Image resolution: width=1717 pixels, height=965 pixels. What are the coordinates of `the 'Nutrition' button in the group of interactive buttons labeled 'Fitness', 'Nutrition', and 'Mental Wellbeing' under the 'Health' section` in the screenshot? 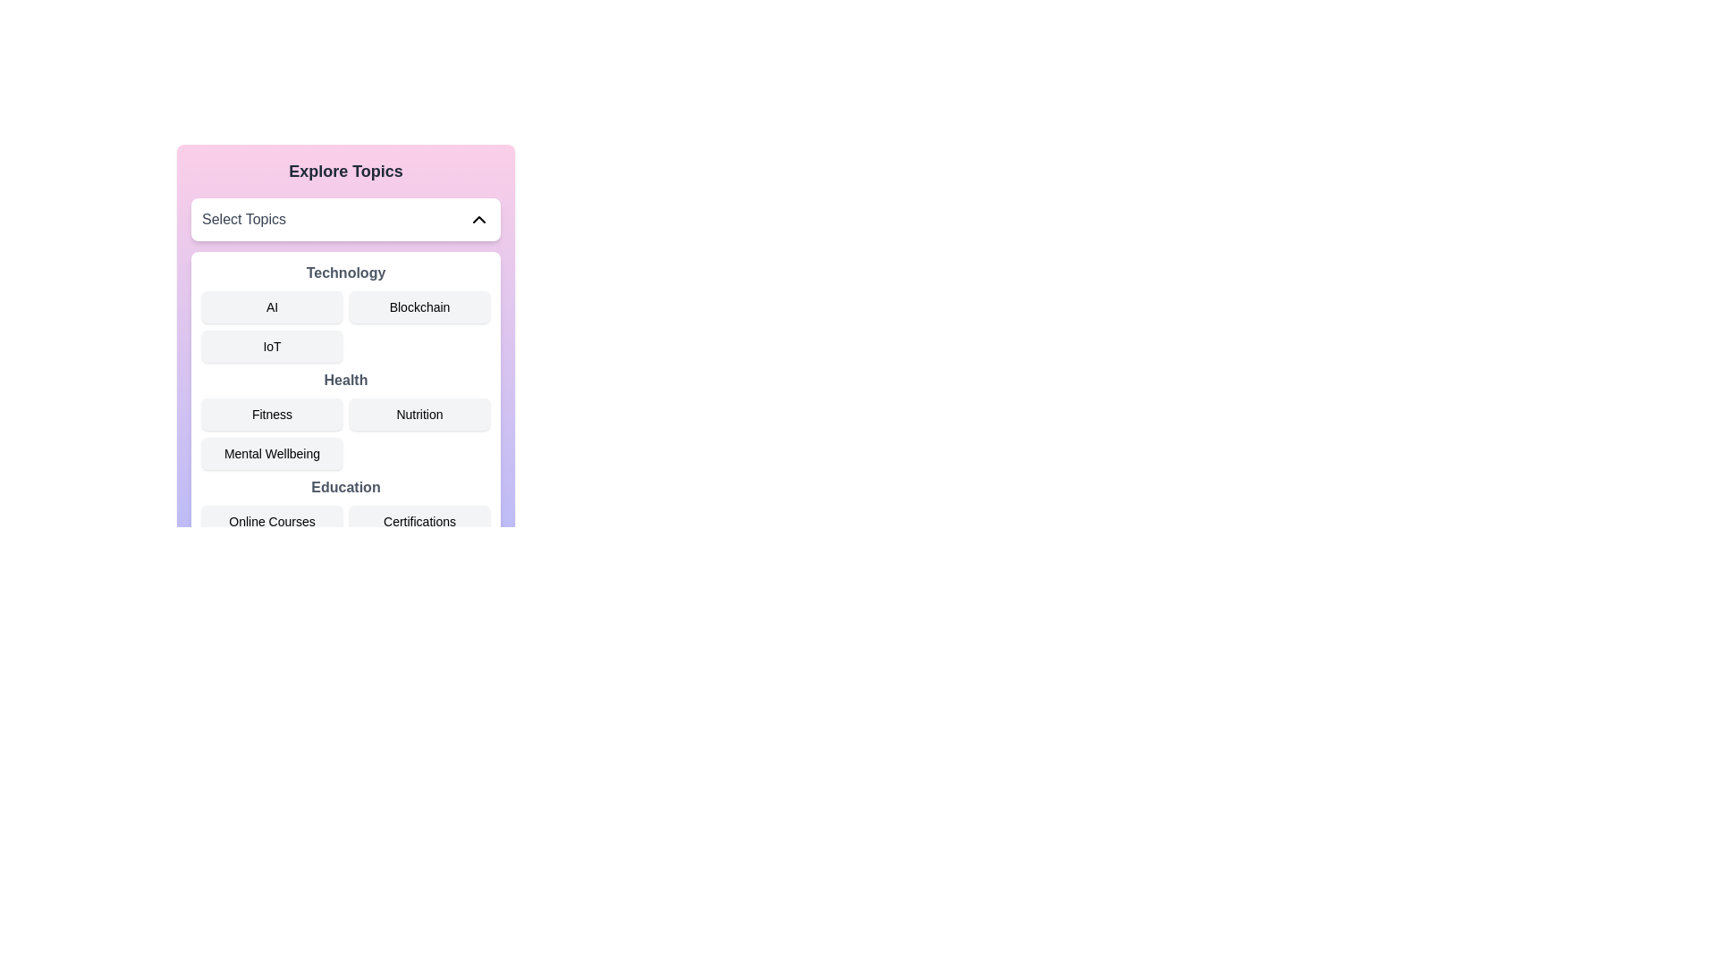 It's located at (346, 420).